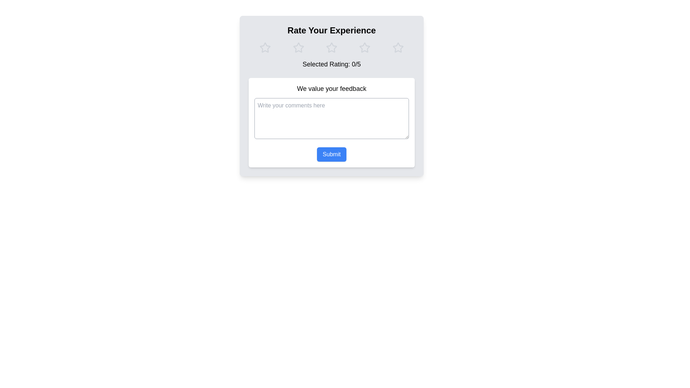  What do you see at coordinates (331, 64) in the screenshot?
I see `the centered text label displaying 'Selected Rating: 0/5' that is located below the rating stars section in the feedback form` at bounding box center [331, 64].